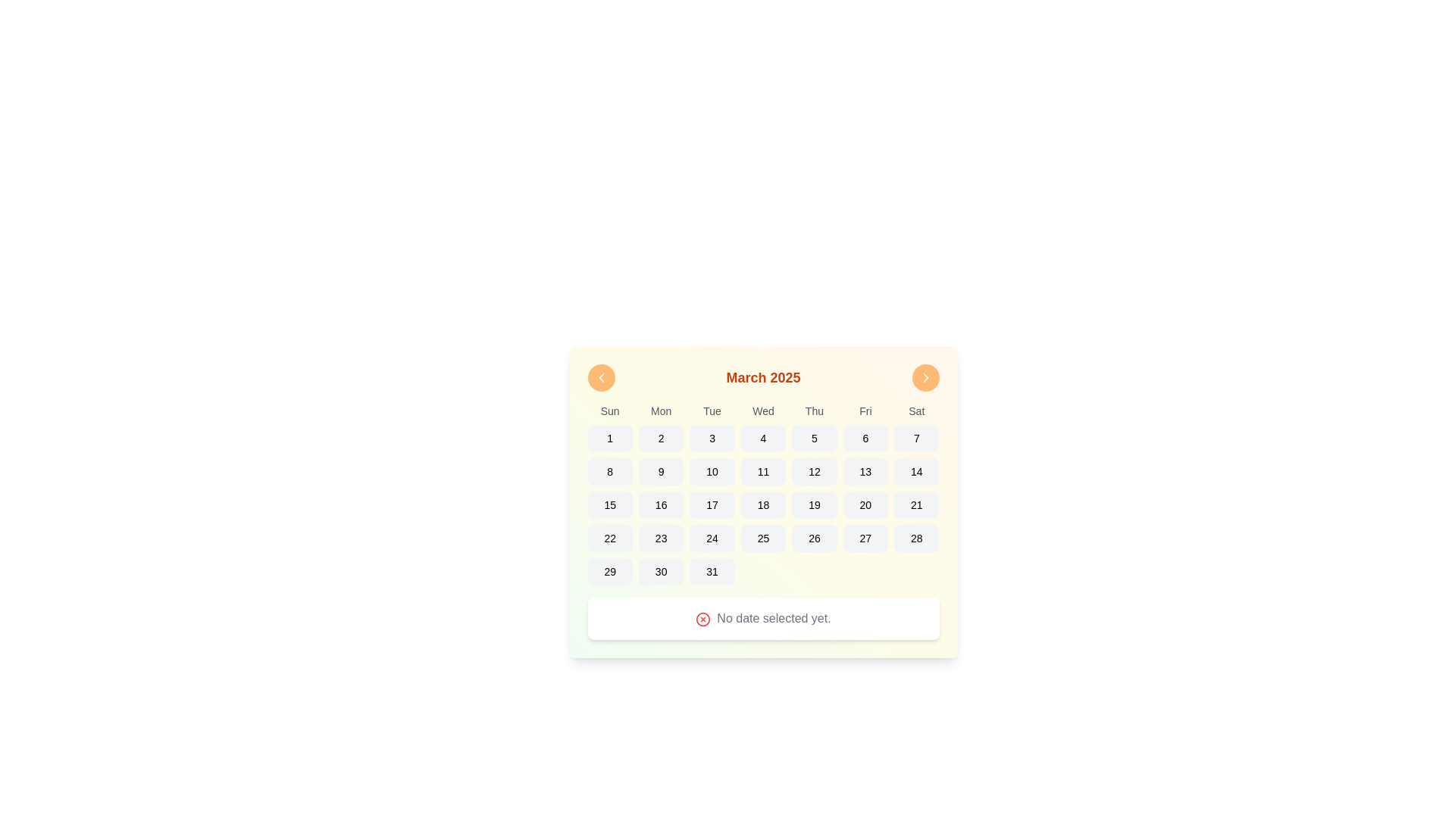  Describe the element at coordinates (915, 438) in the screenshot. I see `the clickable calendar day block displaying the numeral '7' under the 'Sat' column` at that location.